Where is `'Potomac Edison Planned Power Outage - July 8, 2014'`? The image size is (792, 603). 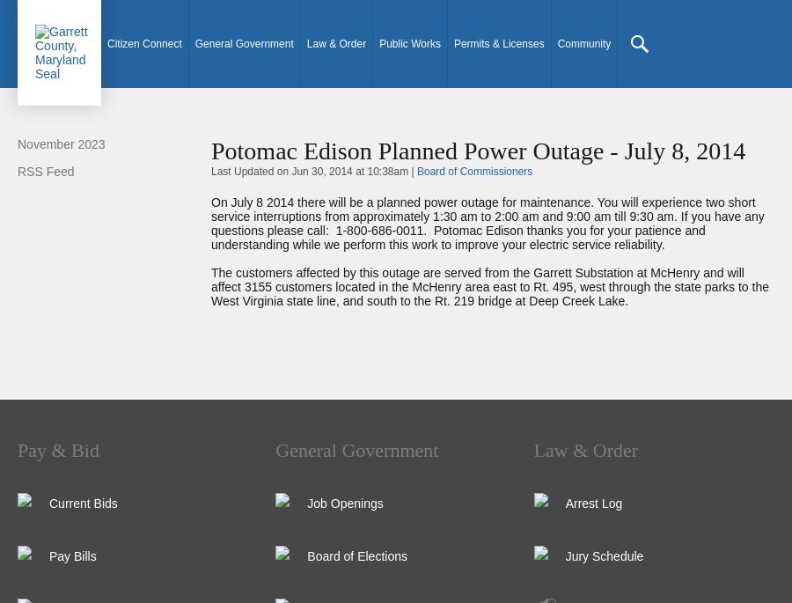 'Potomac Edison Planned Power Outage - July 8, 2014' is located at coordinates (477, 150).